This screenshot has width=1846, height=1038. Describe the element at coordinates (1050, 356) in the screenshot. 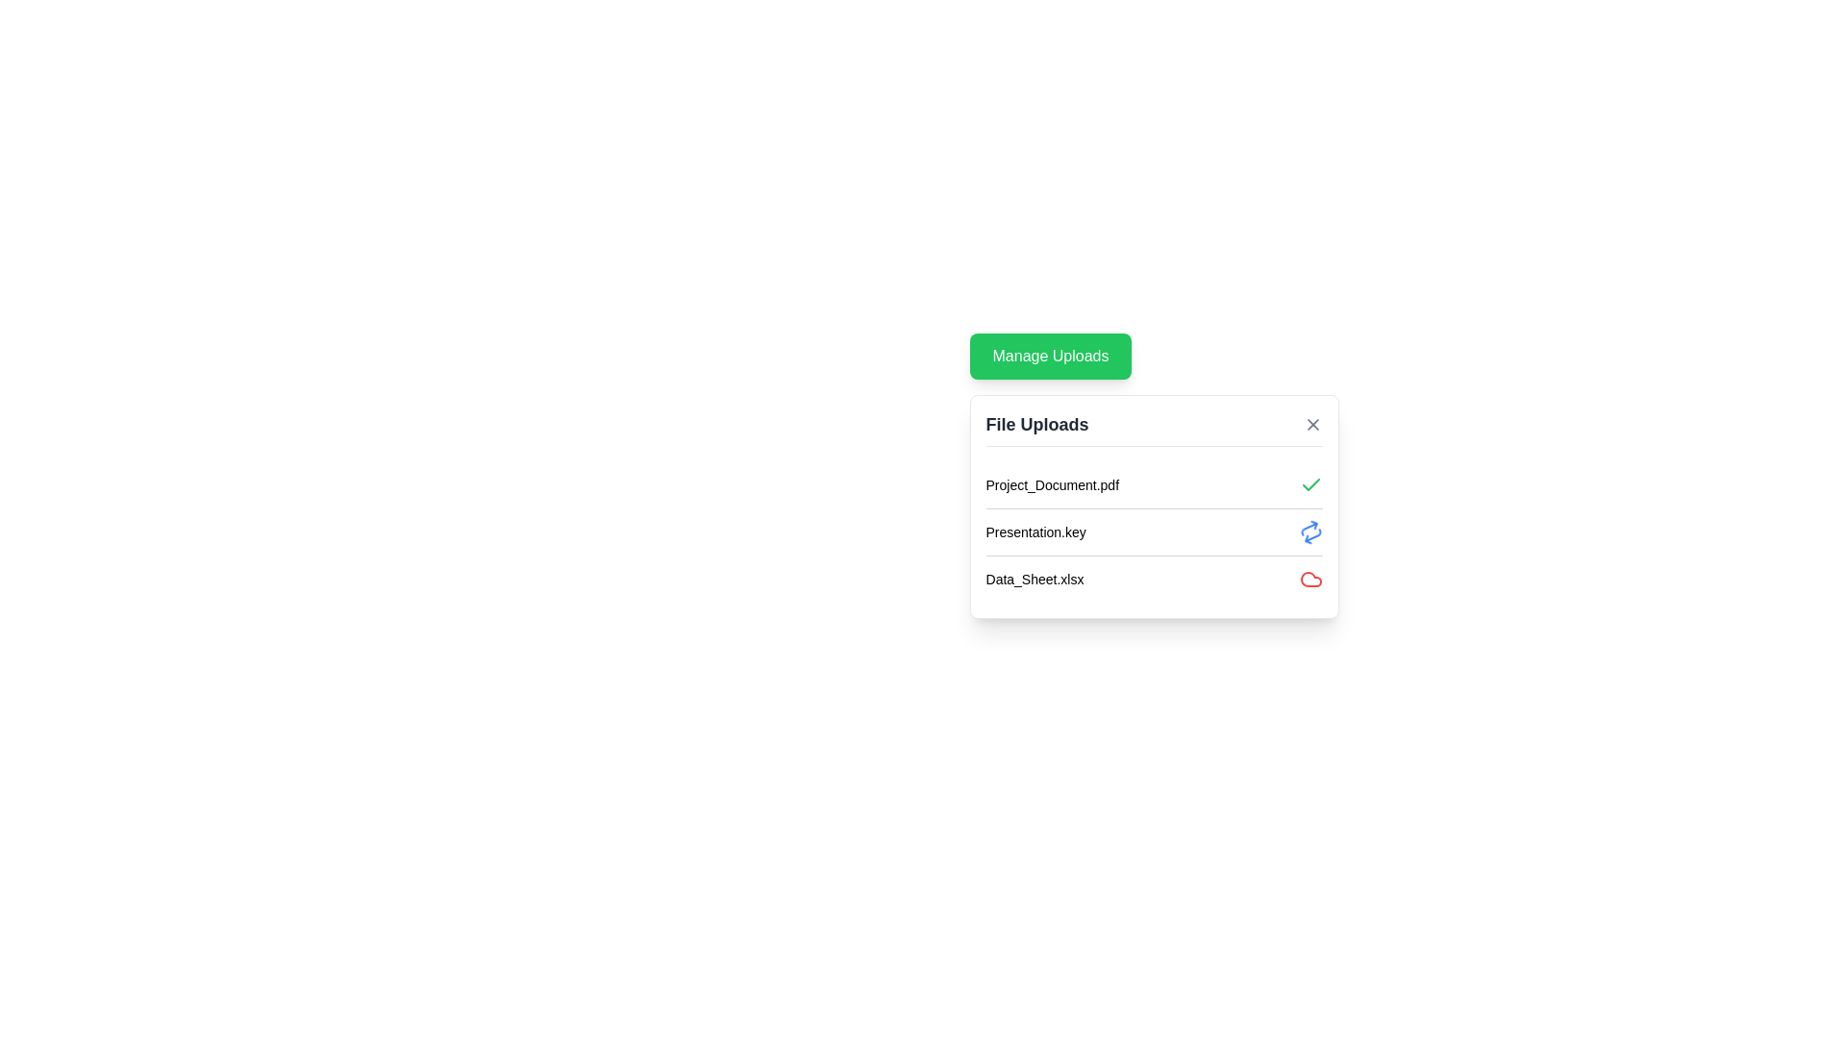

I see `the 'Manage Uploads' button, which is located in the upper section of the 'File Uploads' area, to trigger potential visual or textual feedback` at that location.